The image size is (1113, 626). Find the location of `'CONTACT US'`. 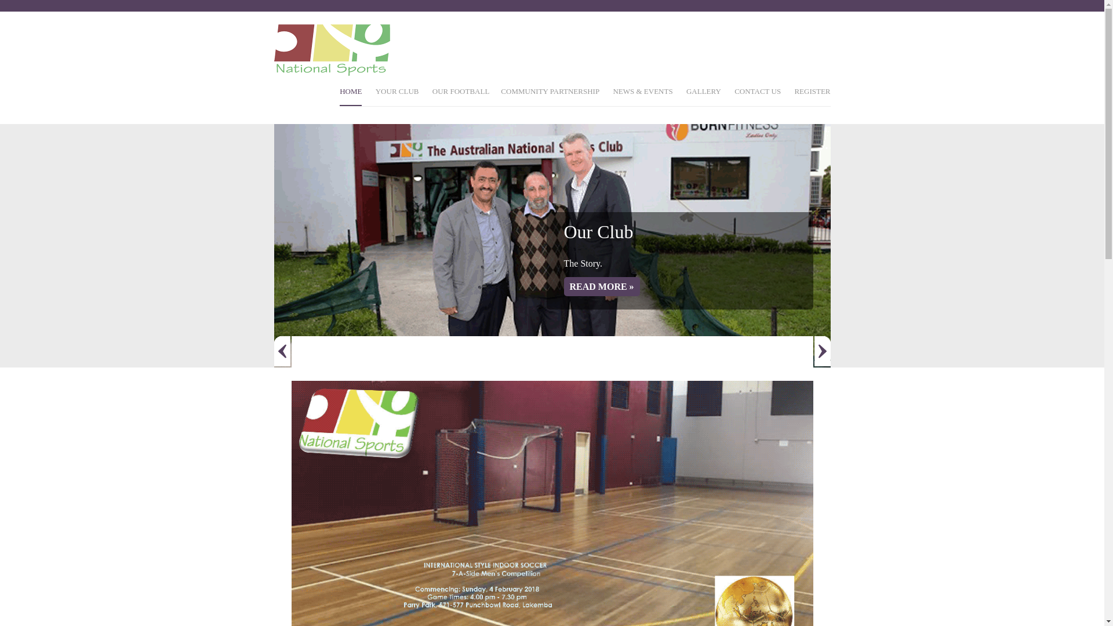

'CONTACT US' is located at coordinates (757, 96).